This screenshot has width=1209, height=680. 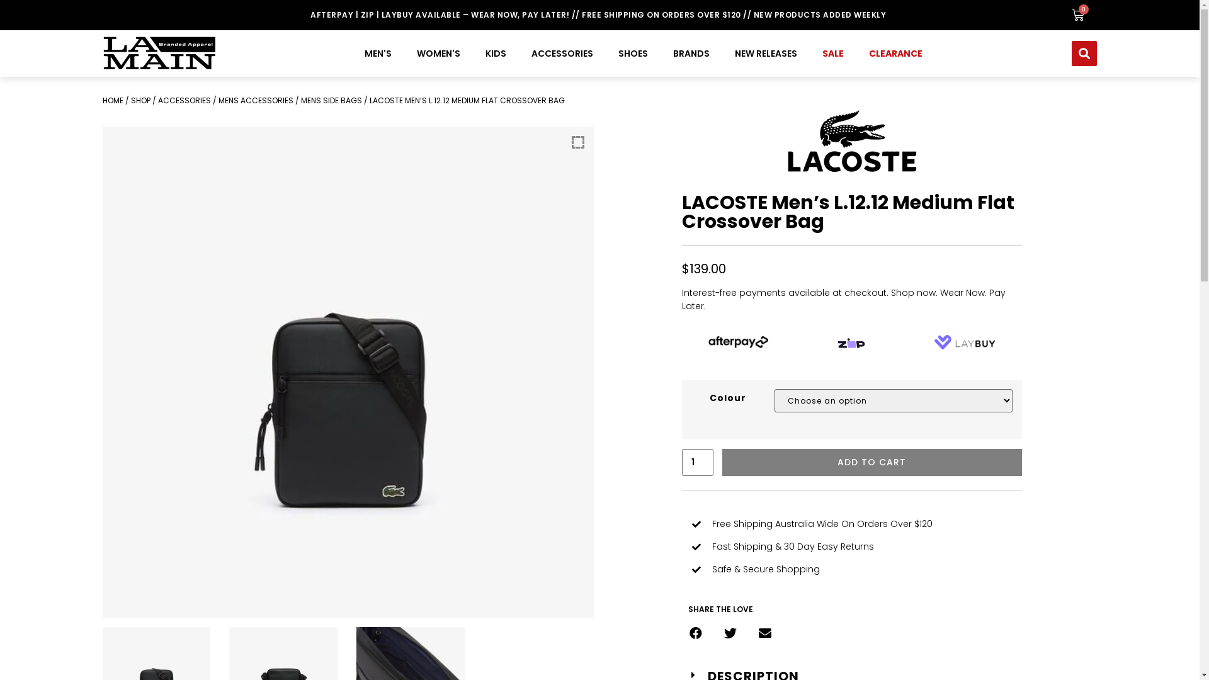 I want to click on 'MENS SIDE BAGS', so click(x=331, y=99).